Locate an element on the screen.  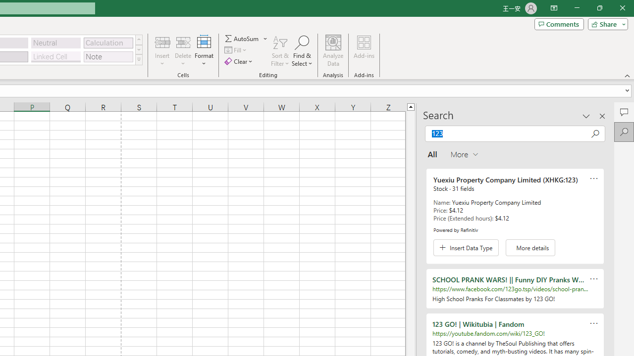
'Note' is located at coordinates (108, 56).